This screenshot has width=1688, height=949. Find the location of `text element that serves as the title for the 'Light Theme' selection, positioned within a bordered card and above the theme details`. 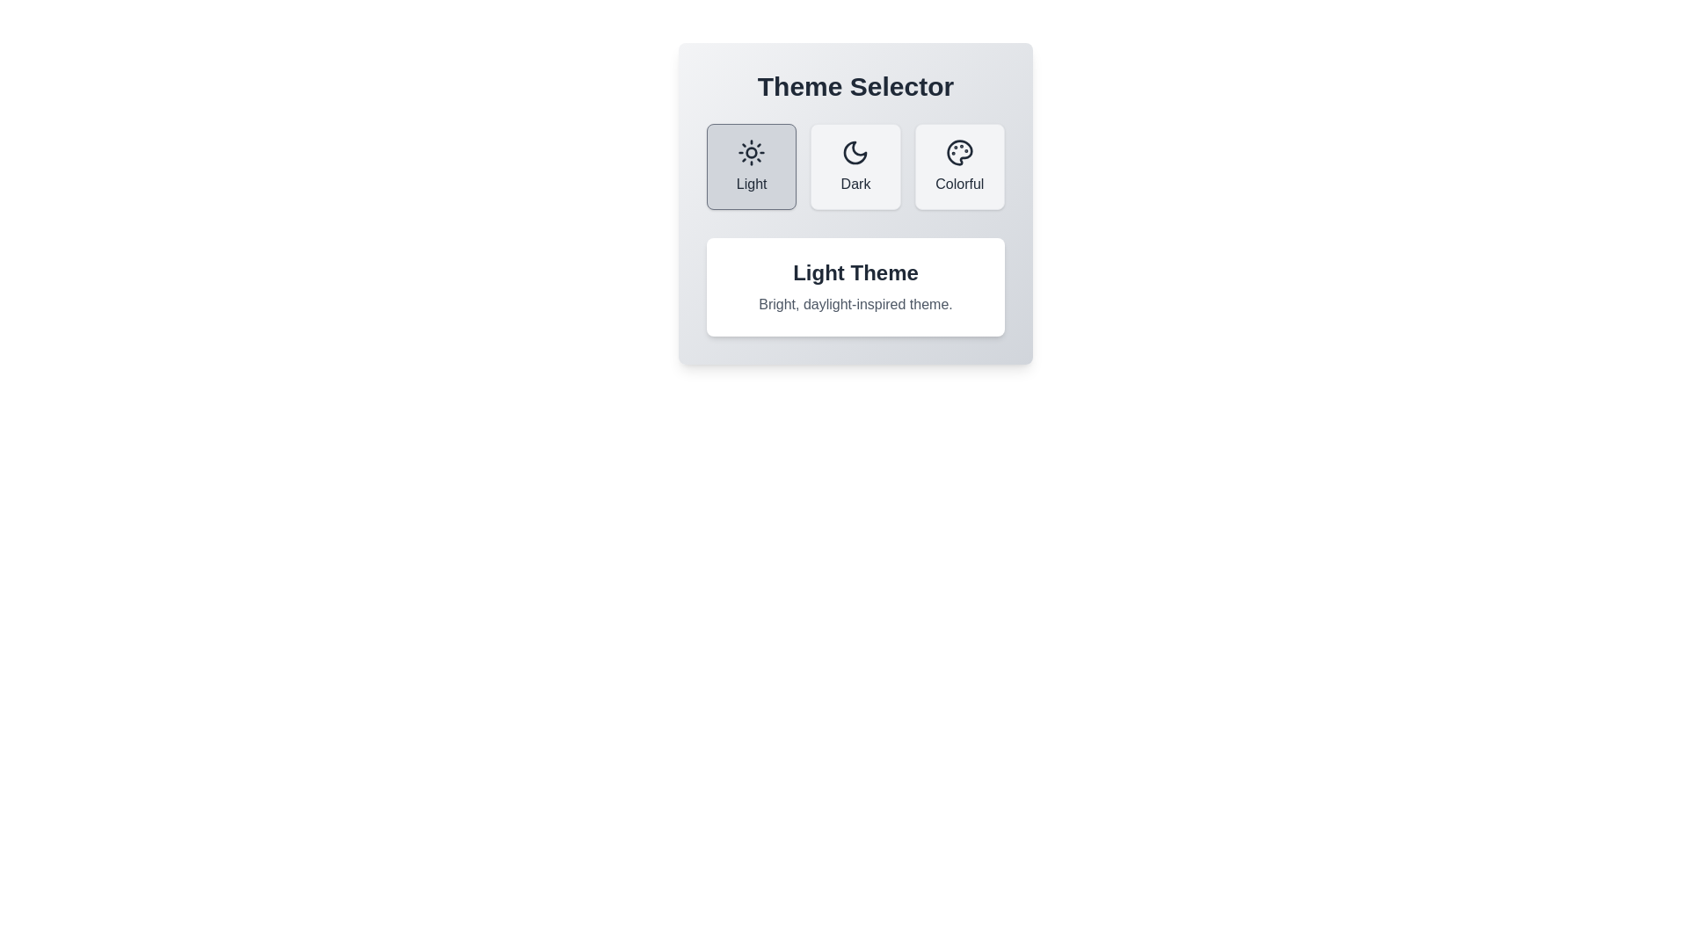

text element that serves as the title for the 'Light Theme' selection, positioned within a bordered card and above the theme details is located at coordinates (855, 273).